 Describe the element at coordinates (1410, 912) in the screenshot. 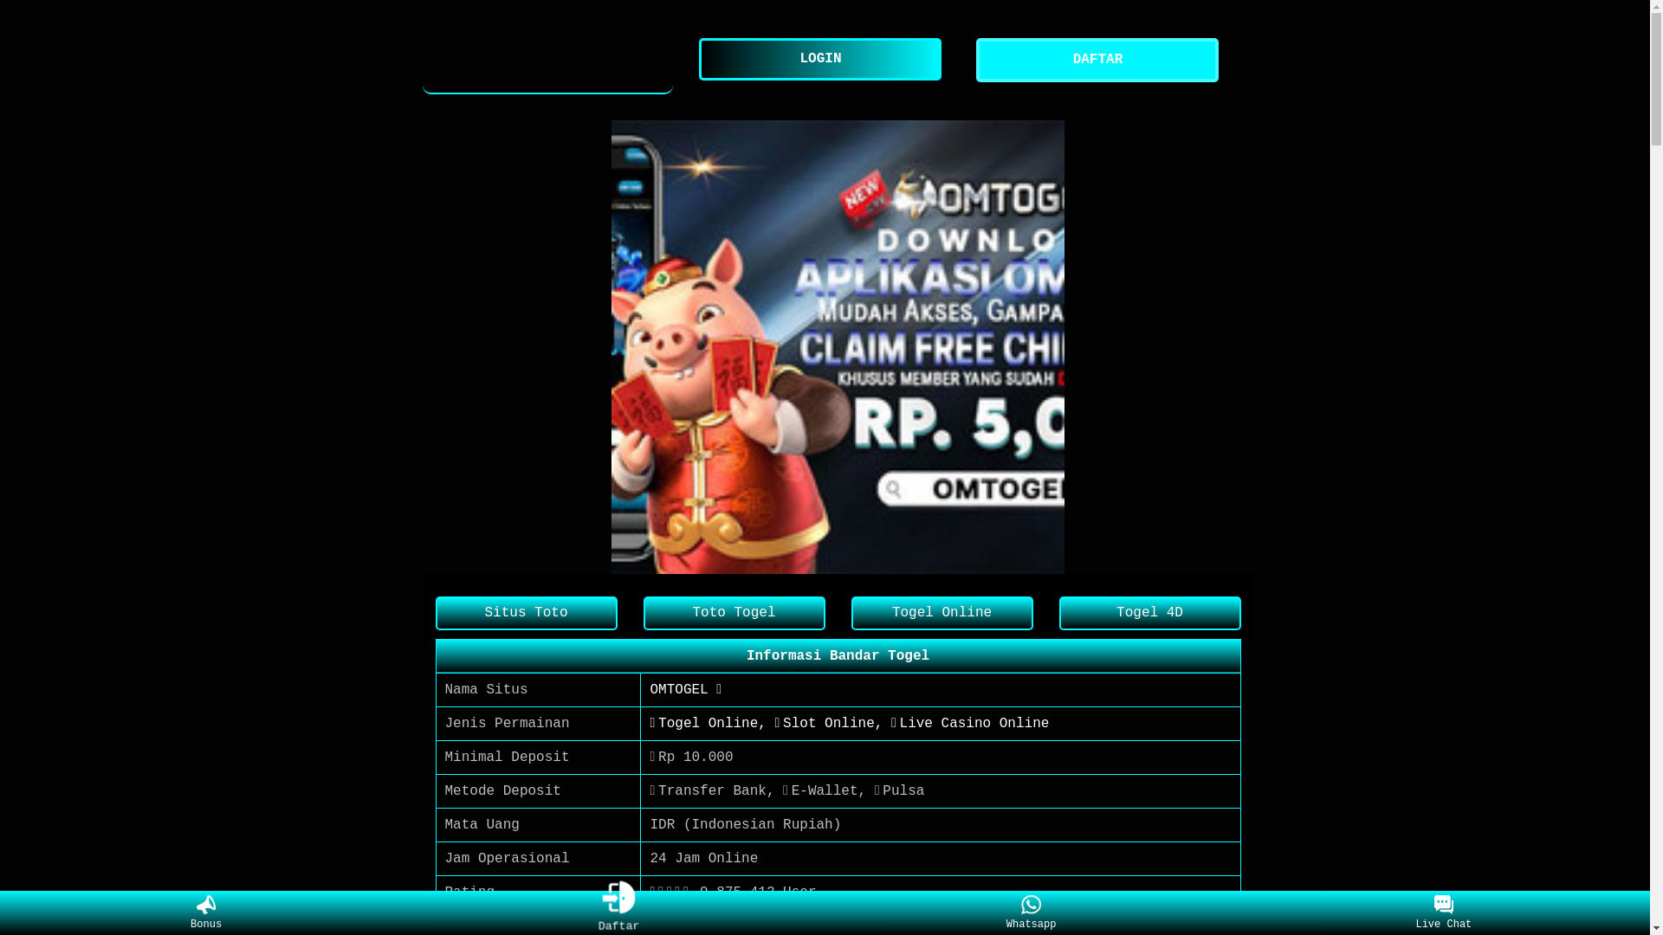

I see `'Live Chat'` at that location.